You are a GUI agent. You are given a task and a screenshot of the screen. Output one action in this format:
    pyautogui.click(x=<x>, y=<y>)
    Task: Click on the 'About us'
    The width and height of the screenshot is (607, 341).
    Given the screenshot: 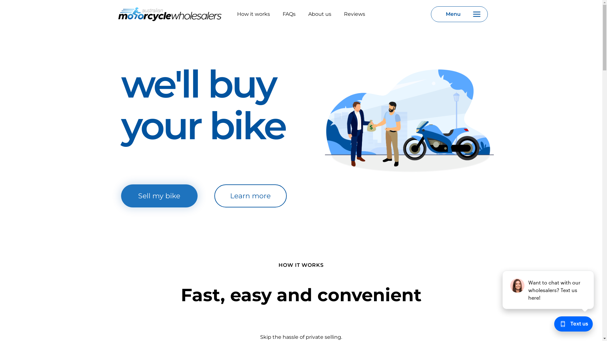 What is the action you would take?
    pyautogui.click(x=320, y=14)
    